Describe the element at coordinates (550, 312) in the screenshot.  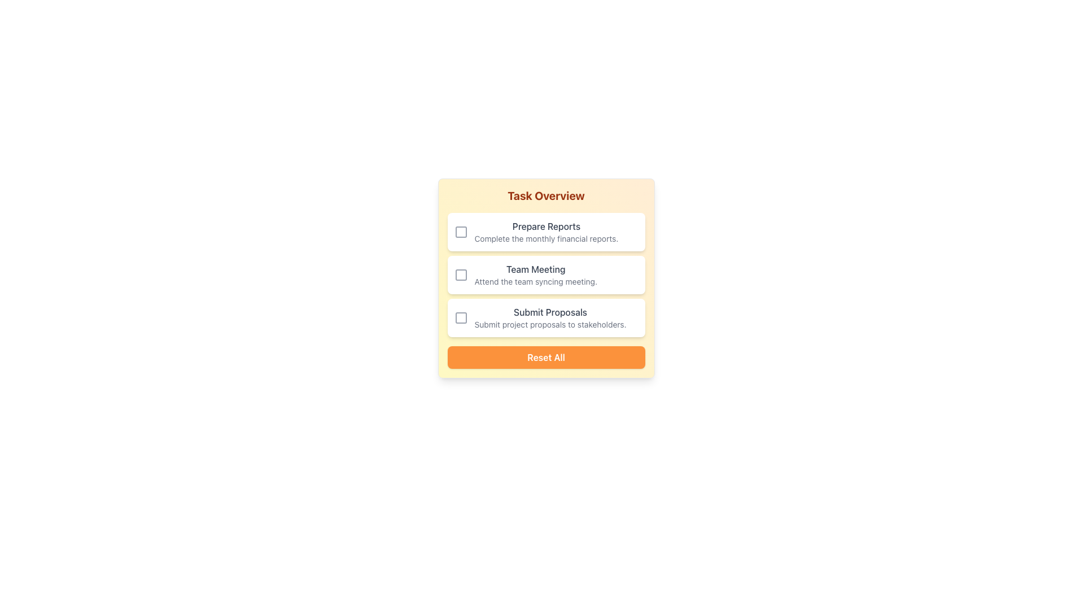
I see `the text label 'Submit Proposals' which is the heading of the third task item in the task list interface` at that location.